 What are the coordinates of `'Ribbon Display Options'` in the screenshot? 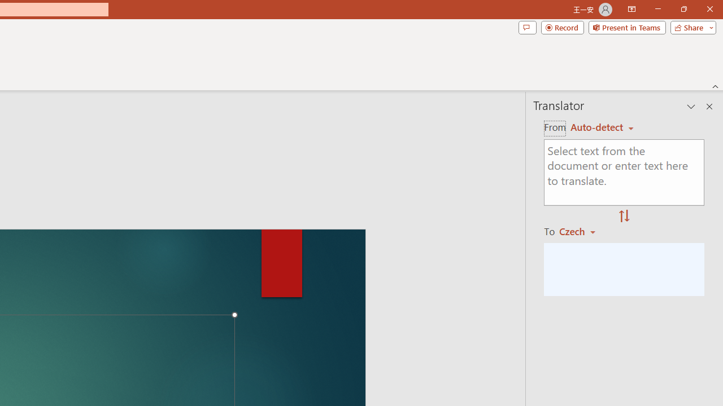 It's located at (631, 9).